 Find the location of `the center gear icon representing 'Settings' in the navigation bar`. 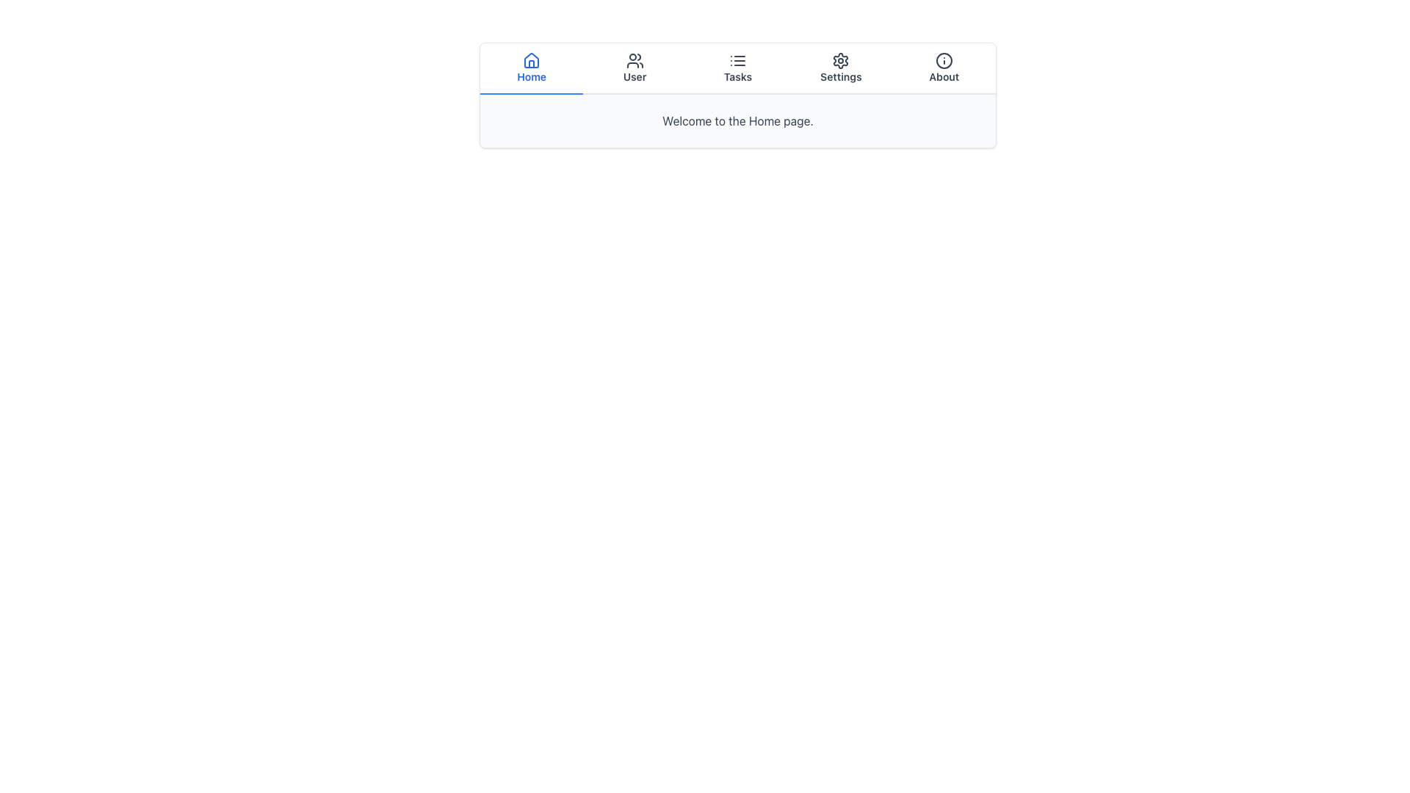

the center gear icon representing 'Settings' in the navigation bar is located at coordinates (841, 60).